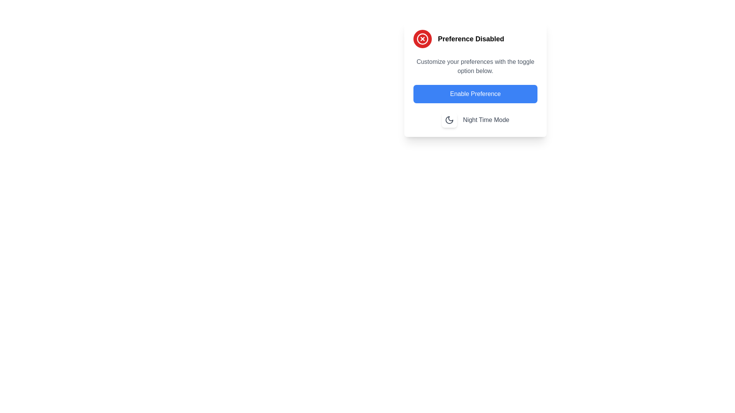 This screenshot has height=413, width=735. I want to click on the button located at the center-bottom of the dialog box to observe its hover effect, which indicates it is designed to toggle a specific preference or feature, so click(475, 94).